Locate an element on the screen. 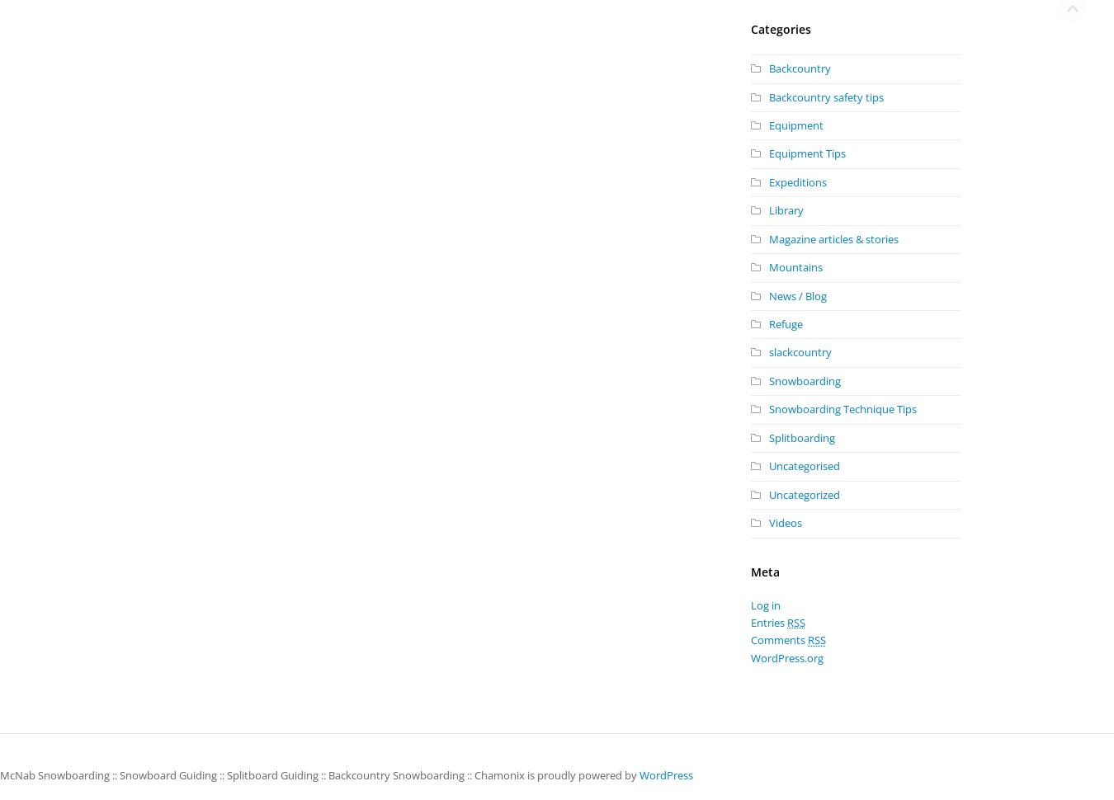  'Refuge' is located at coordinates (785, 324).